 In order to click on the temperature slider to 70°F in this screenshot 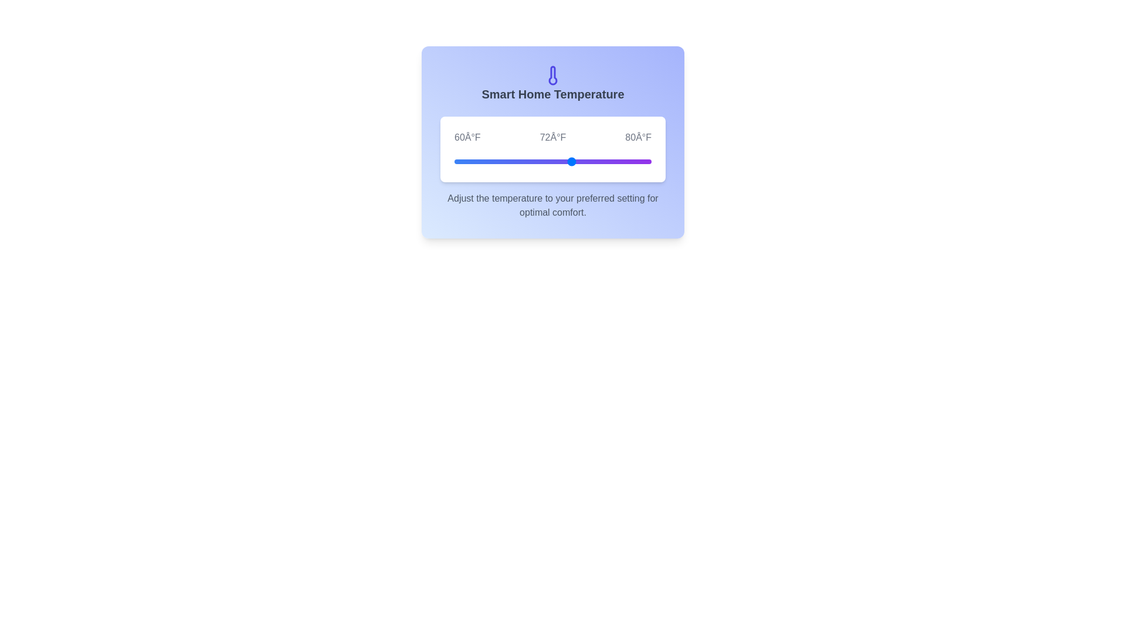, I will do `click(552, 162)`.